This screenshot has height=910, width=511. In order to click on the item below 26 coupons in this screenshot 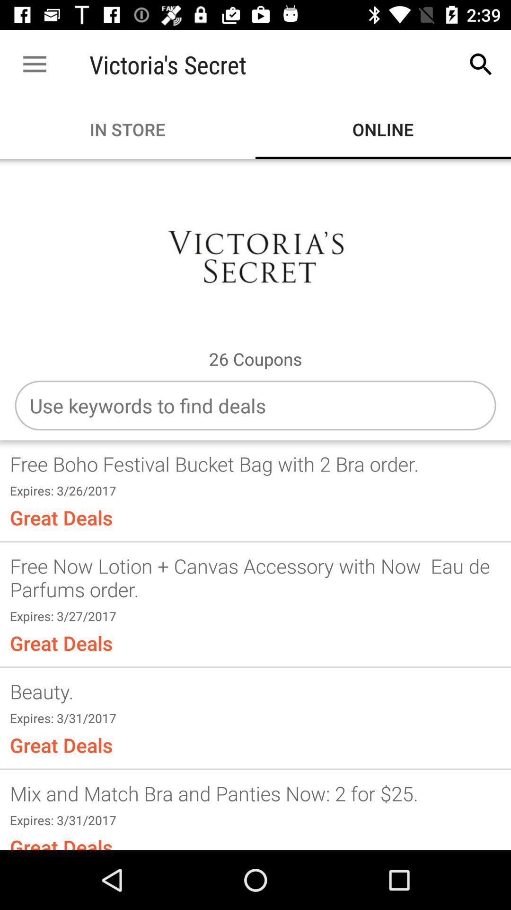, I will do `click(255, 405)`.